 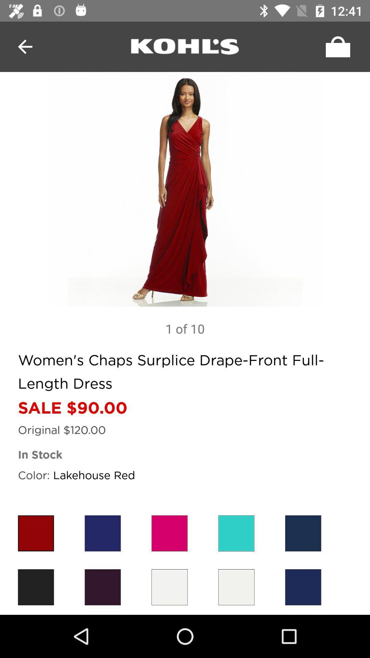 I want to click on first color in first row from right, so click(x=303, y=533).